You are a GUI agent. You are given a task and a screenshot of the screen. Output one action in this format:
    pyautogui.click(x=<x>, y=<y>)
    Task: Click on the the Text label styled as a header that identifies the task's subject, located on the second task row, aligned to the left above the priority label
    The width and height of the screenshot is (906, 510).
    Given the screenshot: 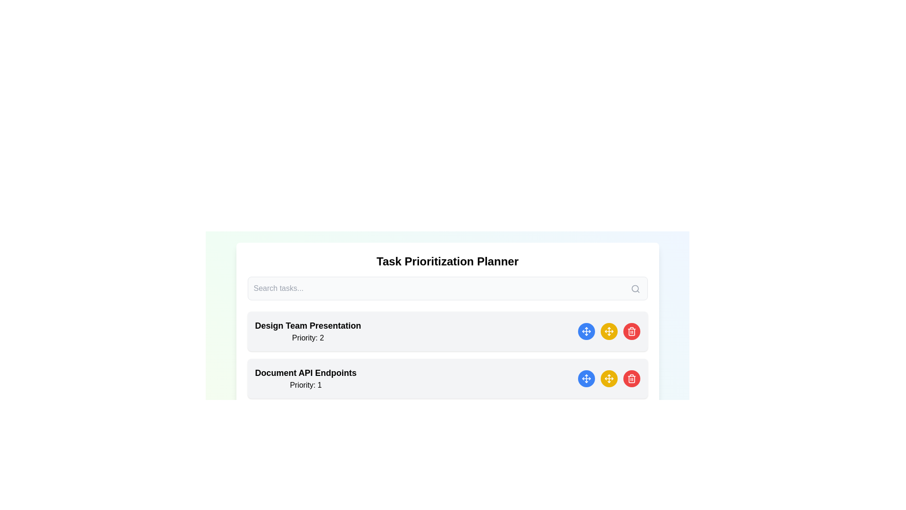 What is the action you would take?
    pyautogui.click(x=306, y=373)
    